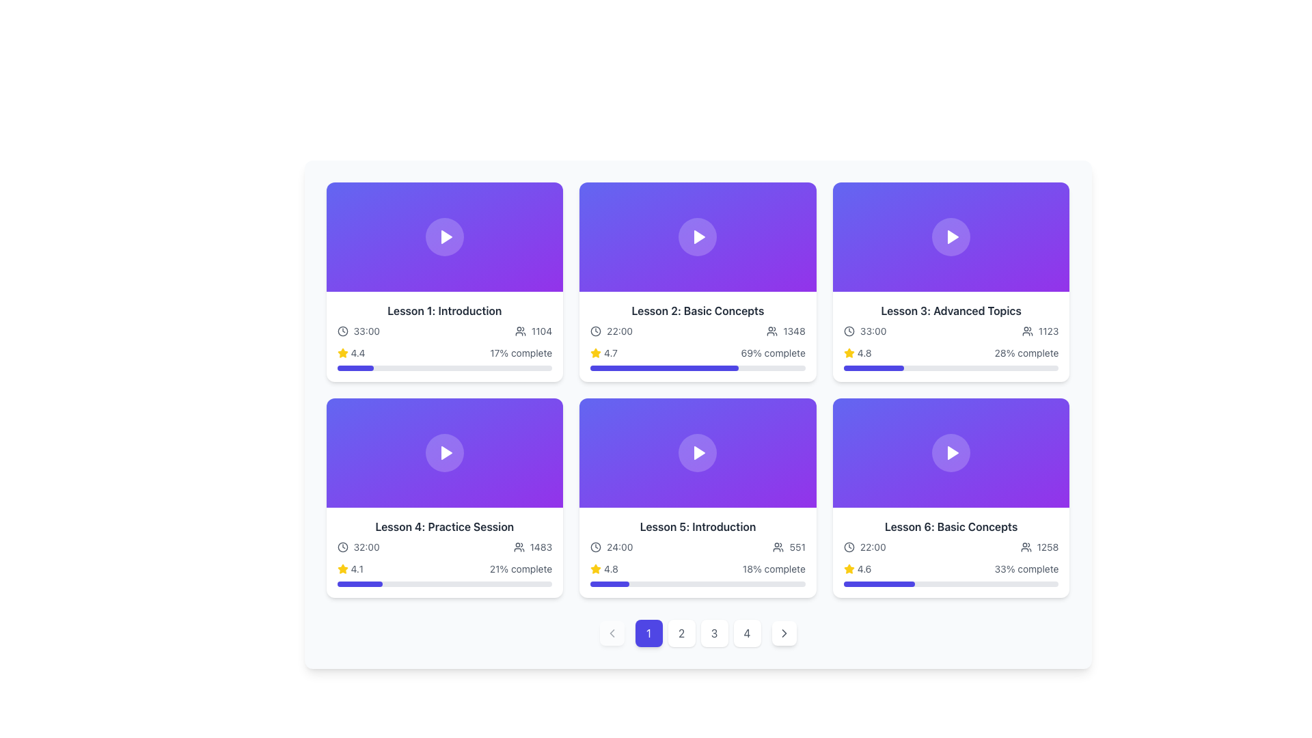 This screenshot has height=738, width=1312. I want to click on the clock icon indicating a time duration of 32:00, which is the leftmost component in a group within the lower-left card of the grid layout, so click(342, 547).